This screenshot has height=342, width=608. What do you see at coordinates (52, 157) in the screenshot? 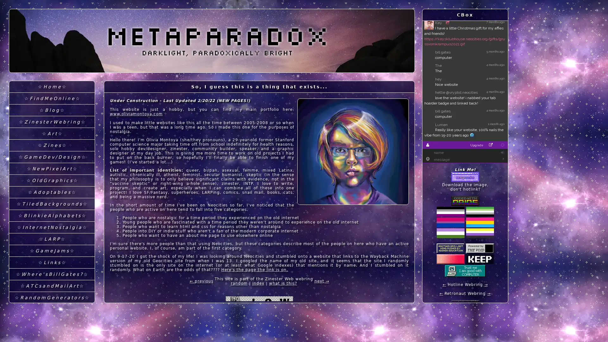
I see `G a m e D e v / D e s i g n` at bounding box center [52, 157].